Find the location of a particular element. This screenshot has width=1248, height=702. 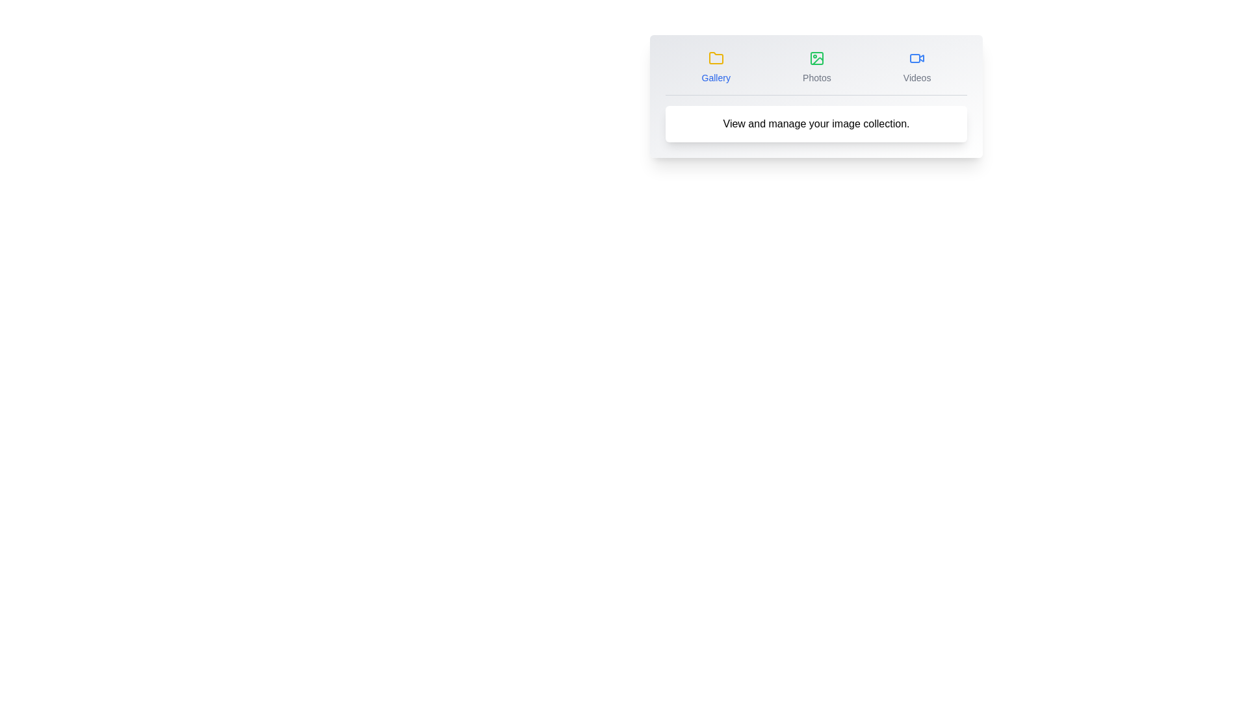

the Videos tab is located at coordinates (916, 68).